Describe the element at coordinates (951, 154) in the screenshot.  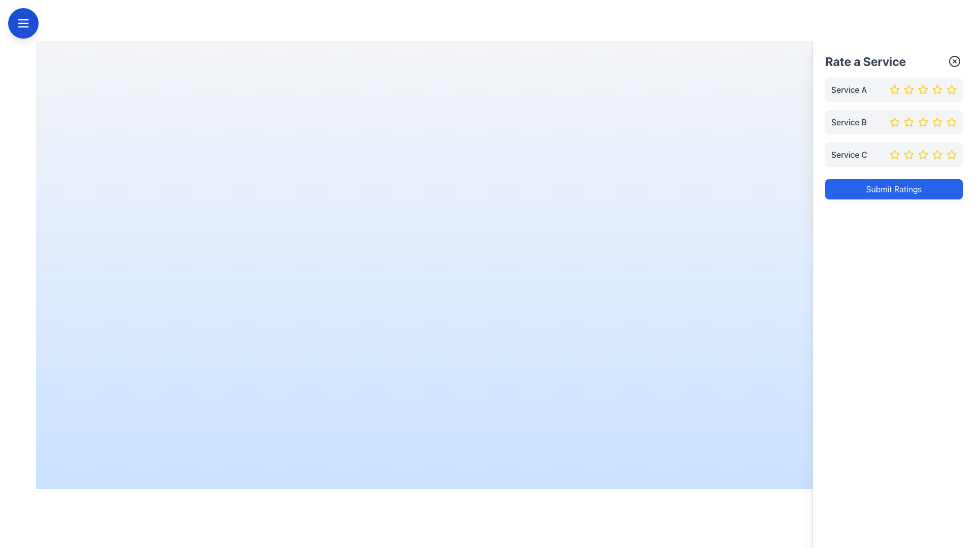
I see `the fifth star in the row of stars for 'Service C' to observe the color change` at that location.